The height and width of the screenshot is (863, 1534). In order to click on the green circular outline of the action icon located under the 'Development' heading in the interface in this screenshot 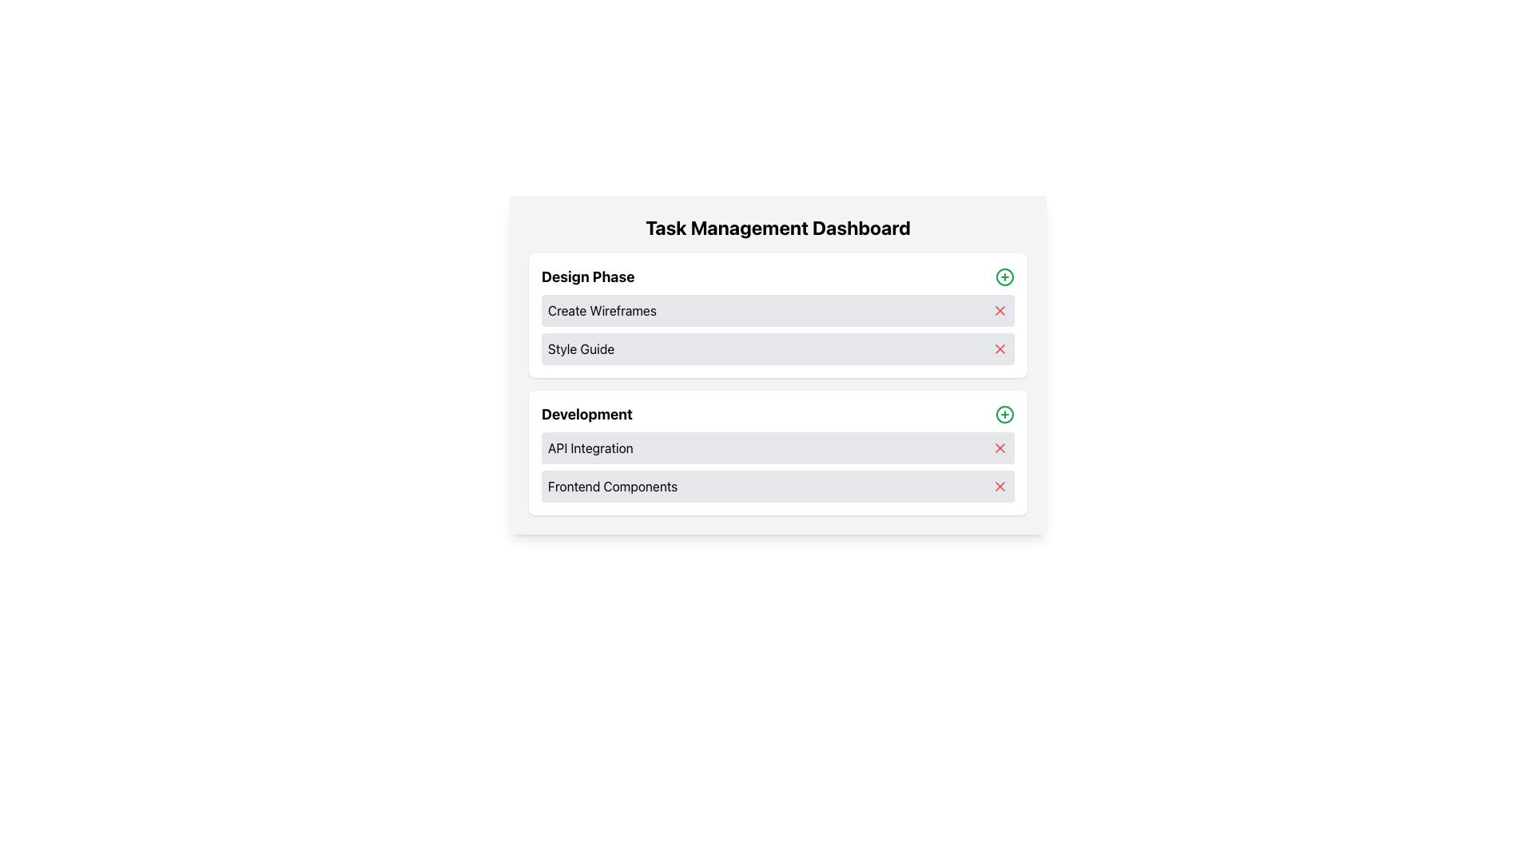, I will do `click(1003, 276)`.